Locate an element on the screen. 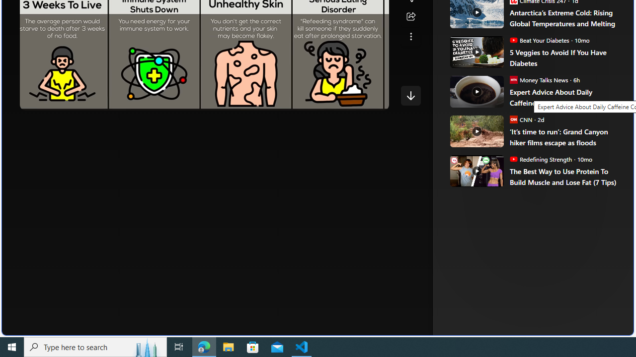  'Redefining Strength' is located at coordinates (513, 158).